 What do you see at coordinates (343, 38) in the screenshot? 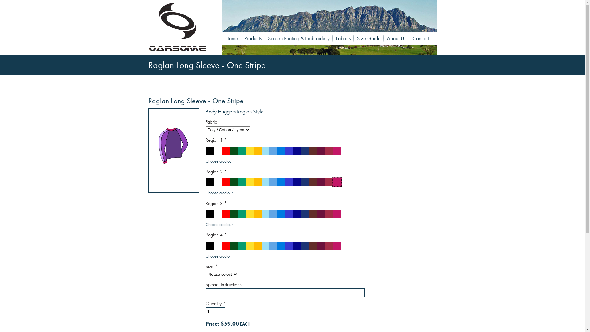
I see `'Fabrics'` at bounding box center [343, 38].